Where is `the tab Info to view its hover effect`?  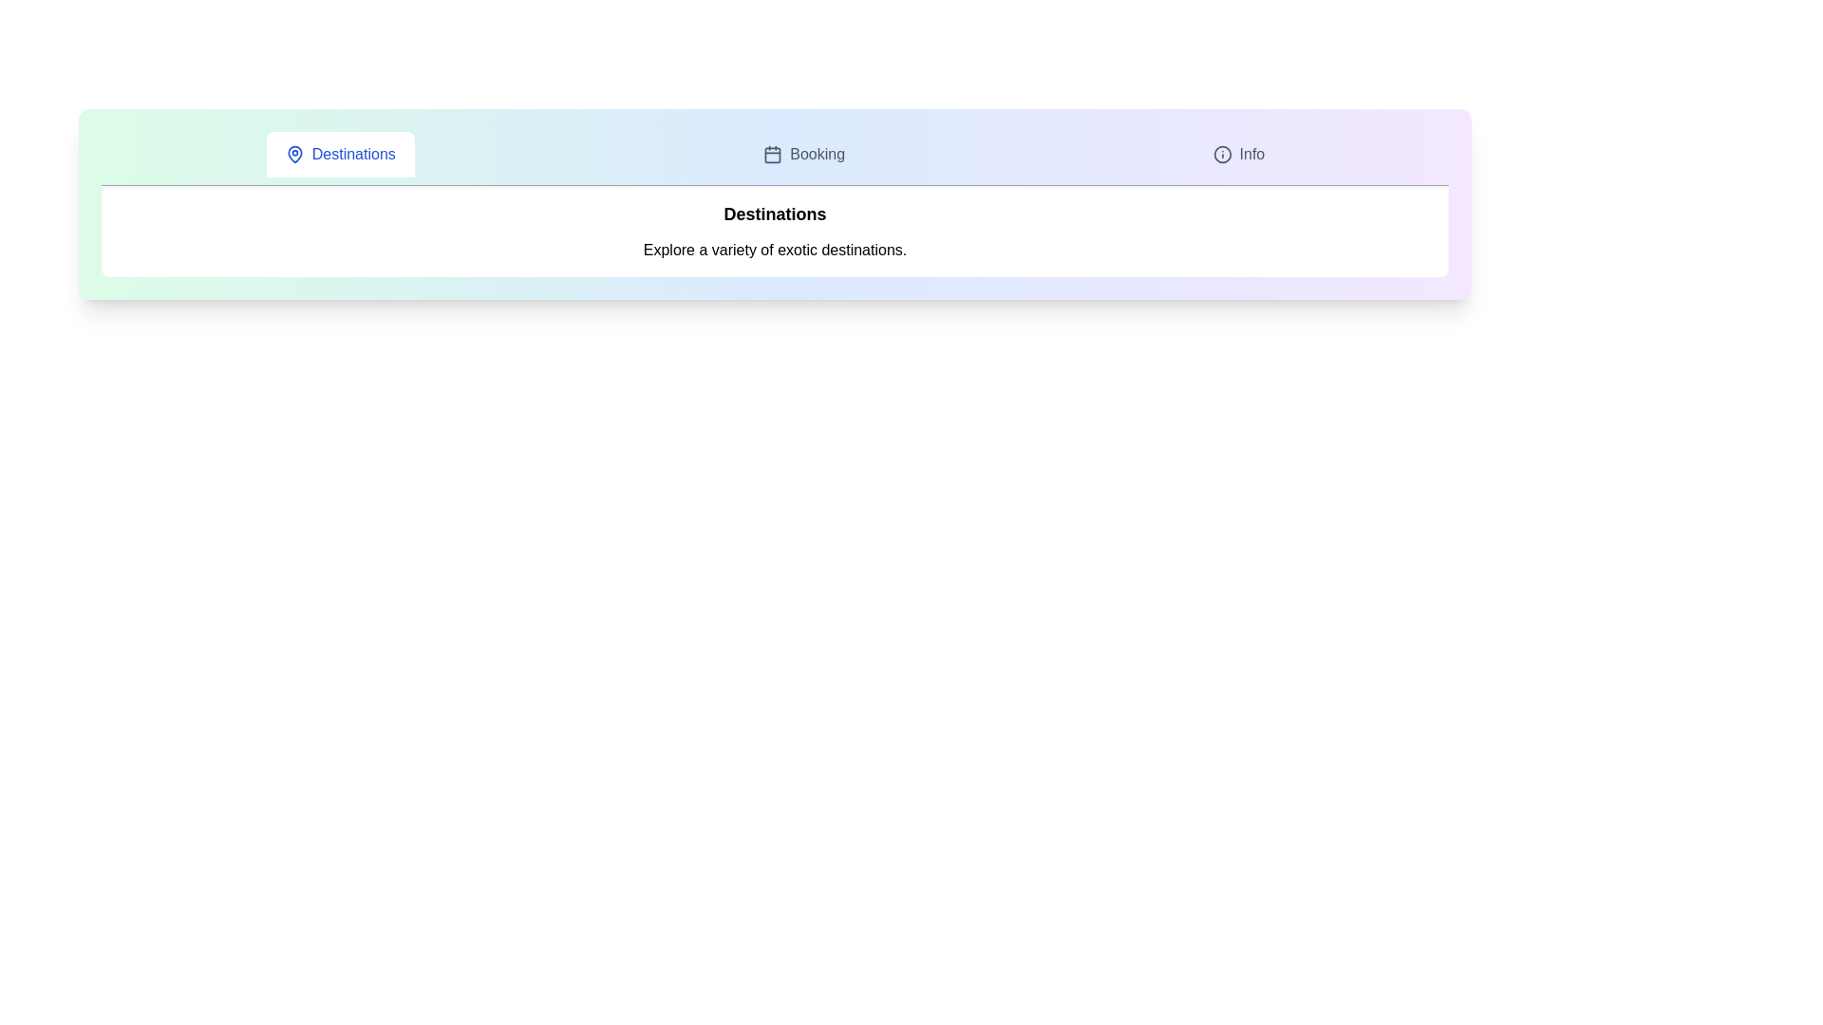 the tab Info to view its hover effect is located at coordinates (1238, 153).